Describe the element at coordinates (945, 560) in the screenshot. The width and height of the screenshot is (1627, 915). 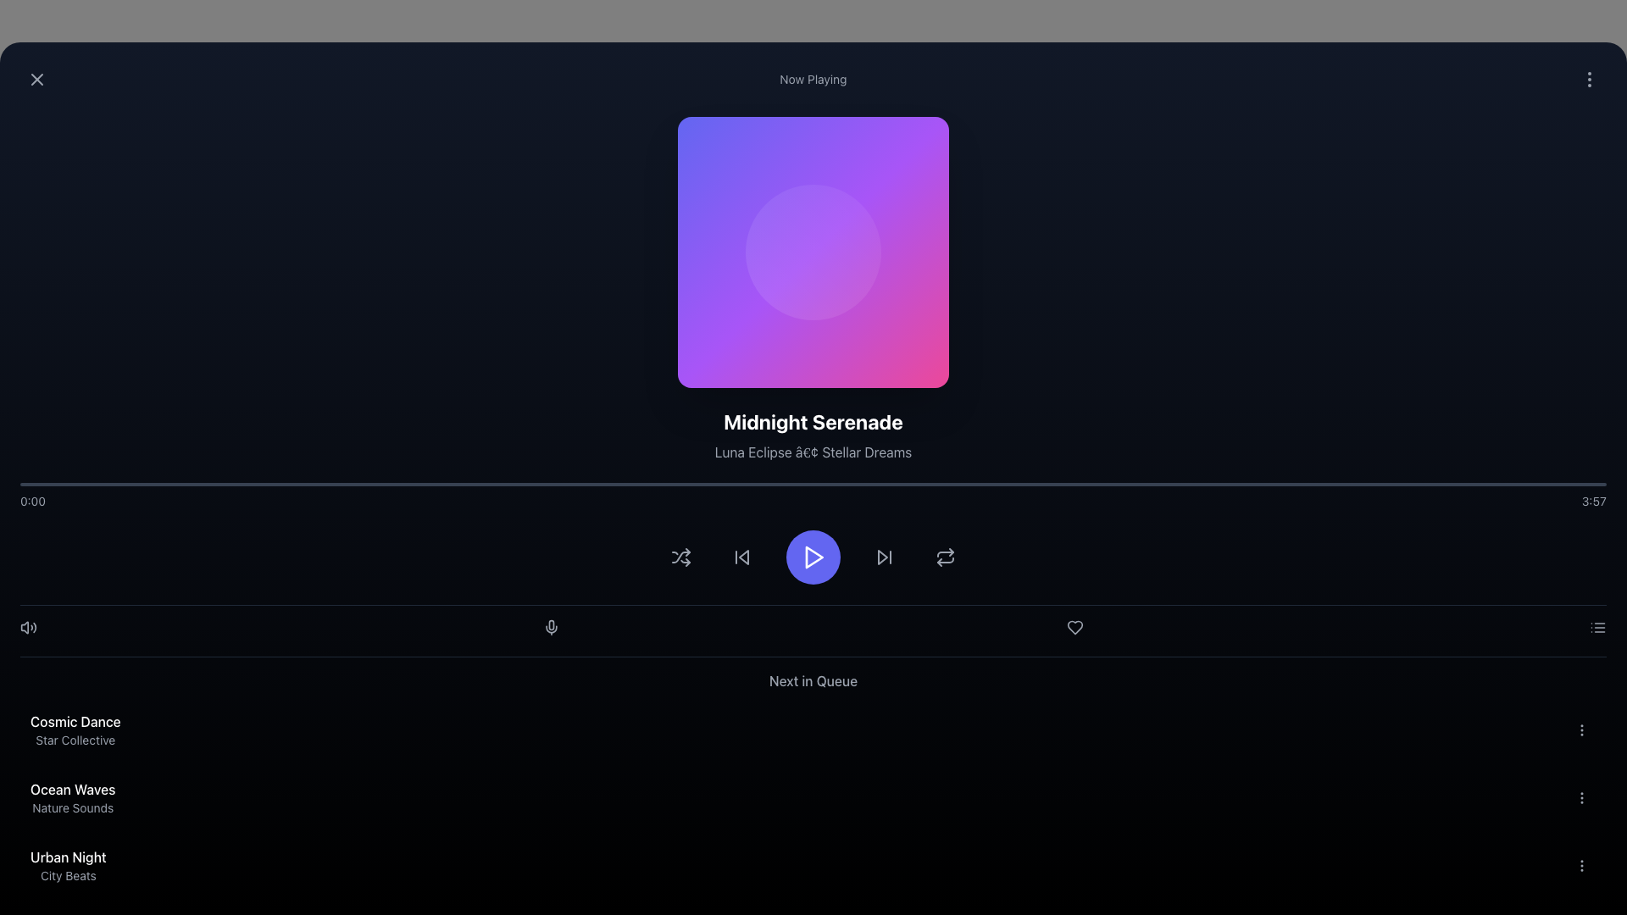
I see `the bottom-right component of the looping action icon within the SVG` at that location.